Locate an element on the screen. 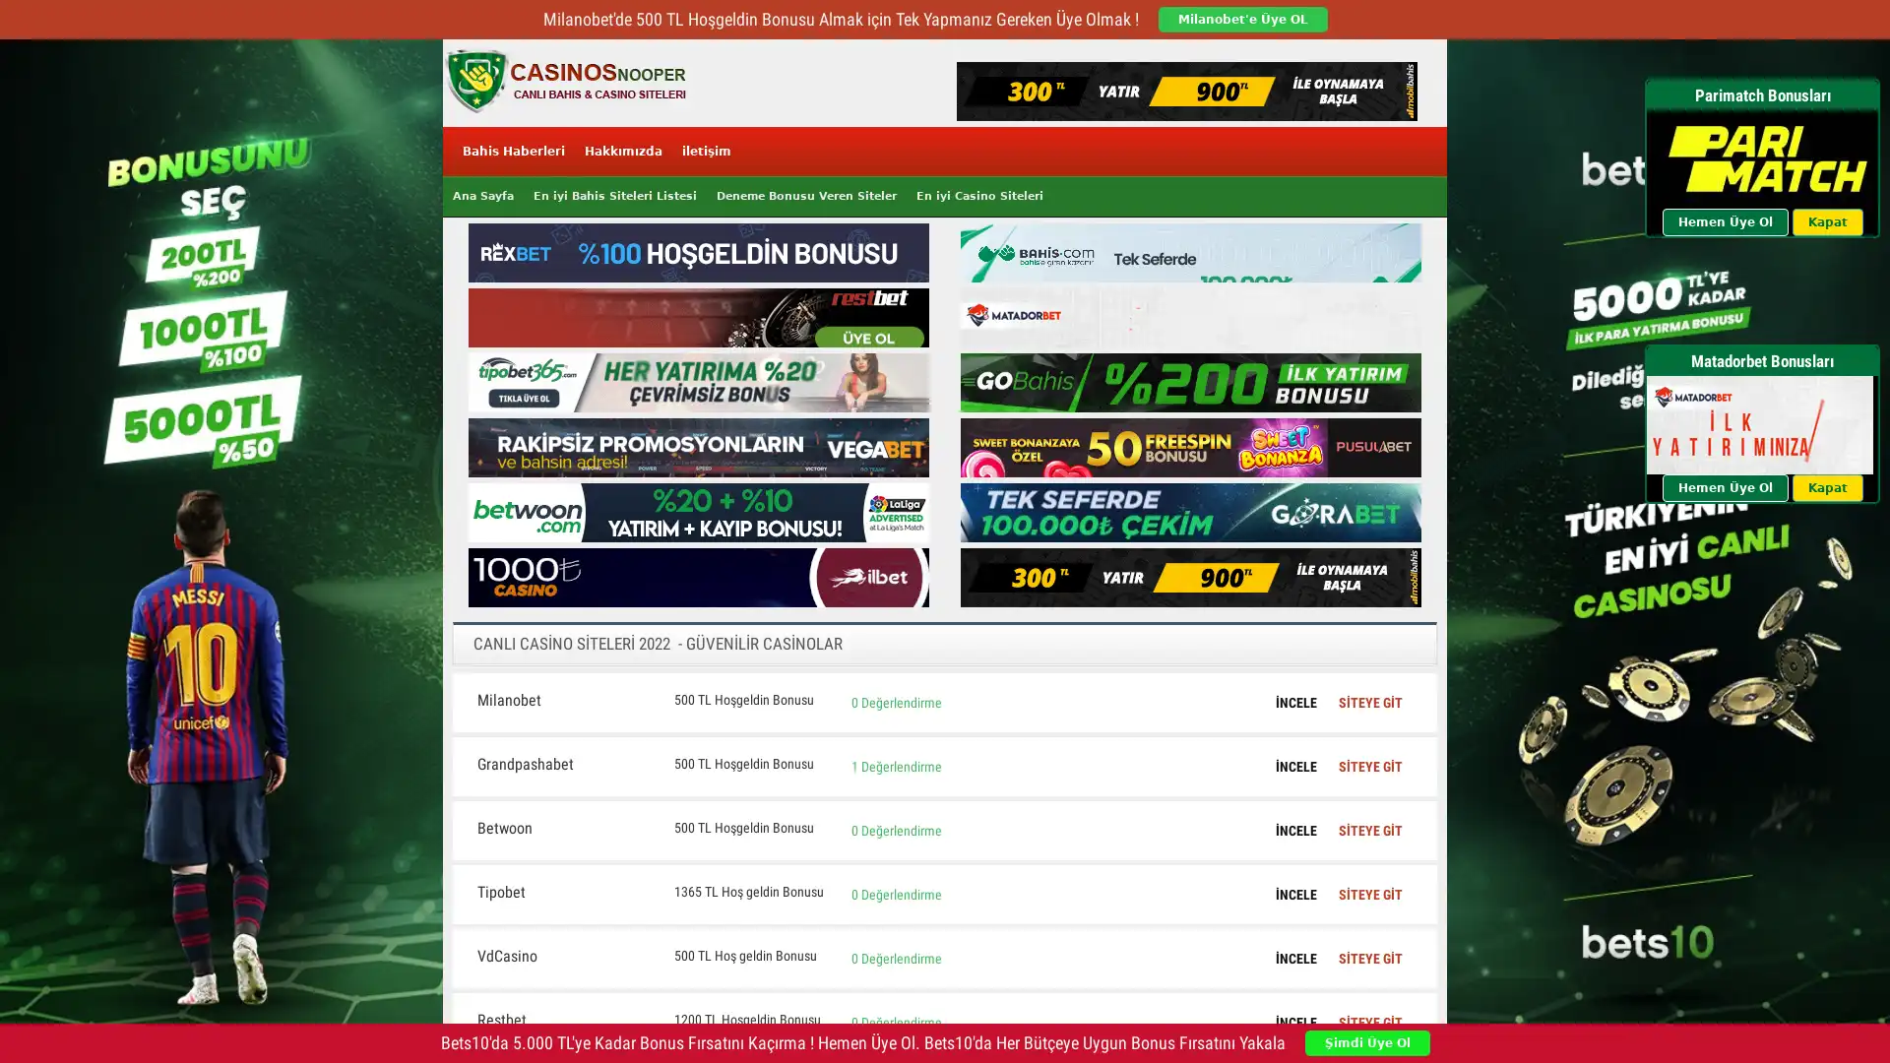  Hemen Uye Ol is located at coordinates (1724, 221).